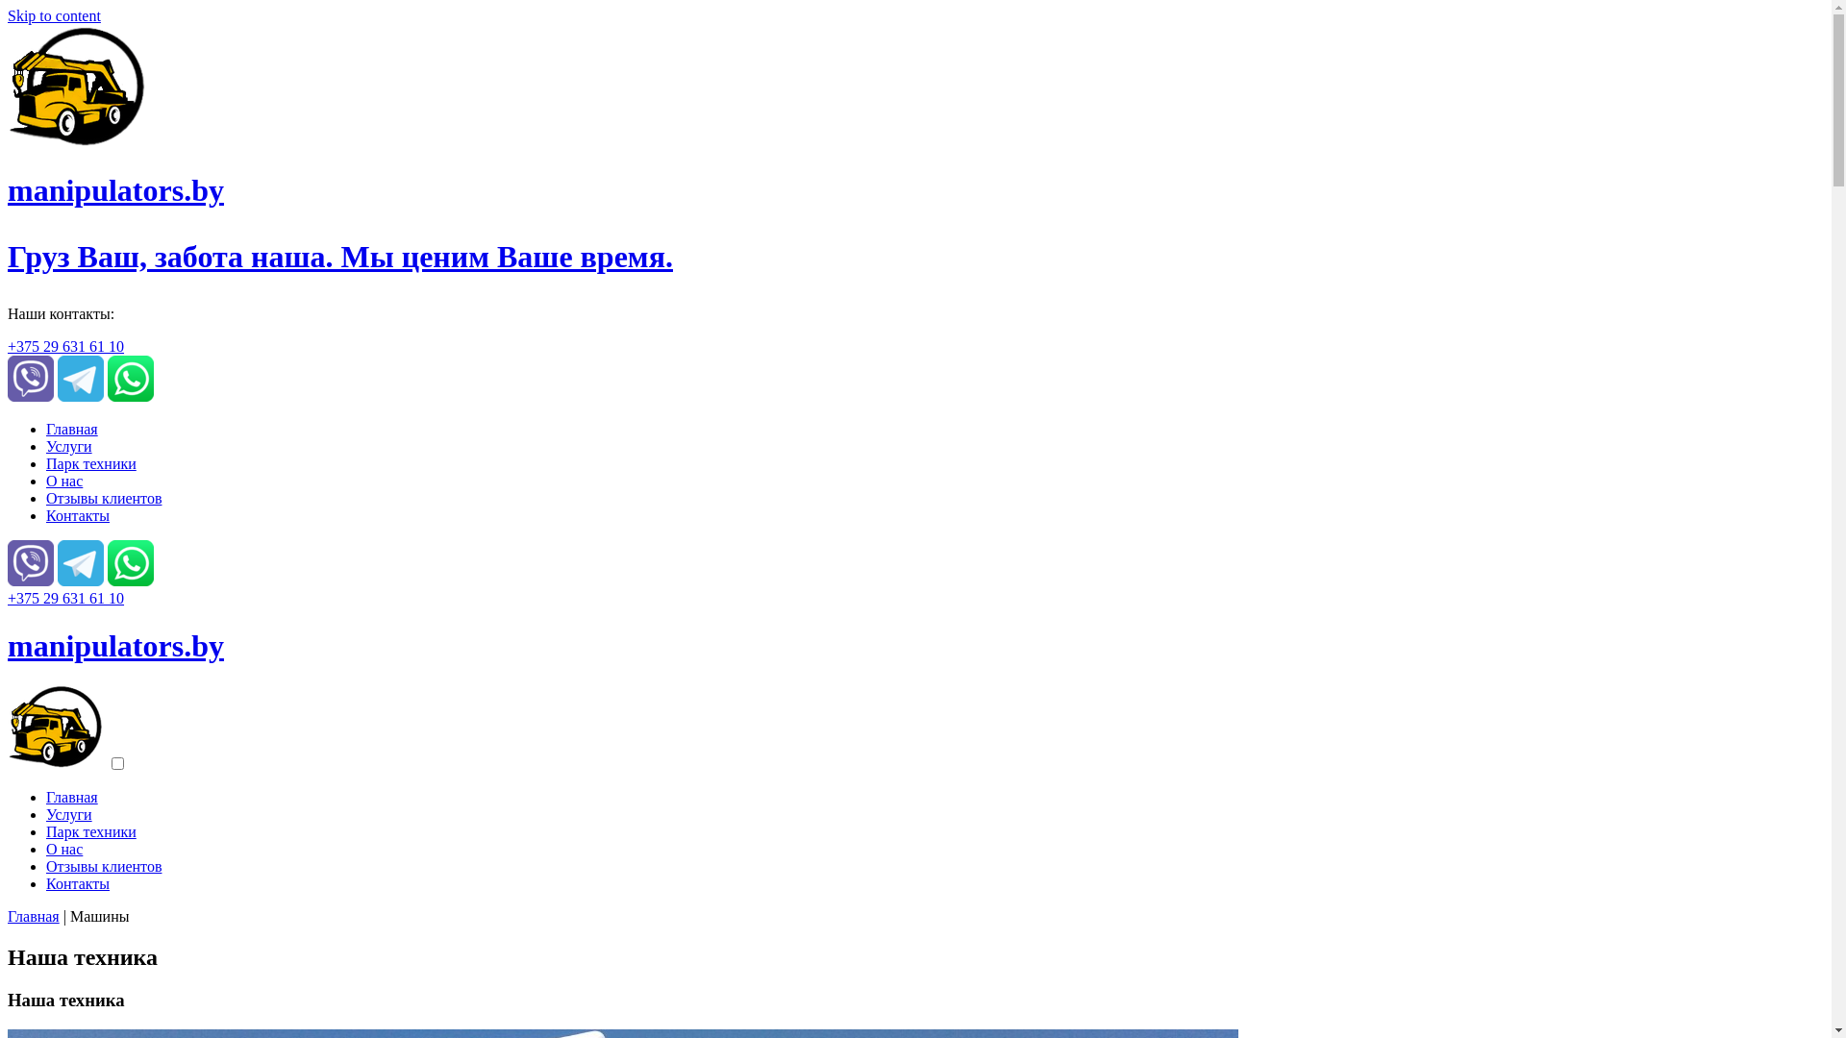  Describe the element at coordinates (54, 15) in the screenshot. I see `'Skip to content'` at that location.